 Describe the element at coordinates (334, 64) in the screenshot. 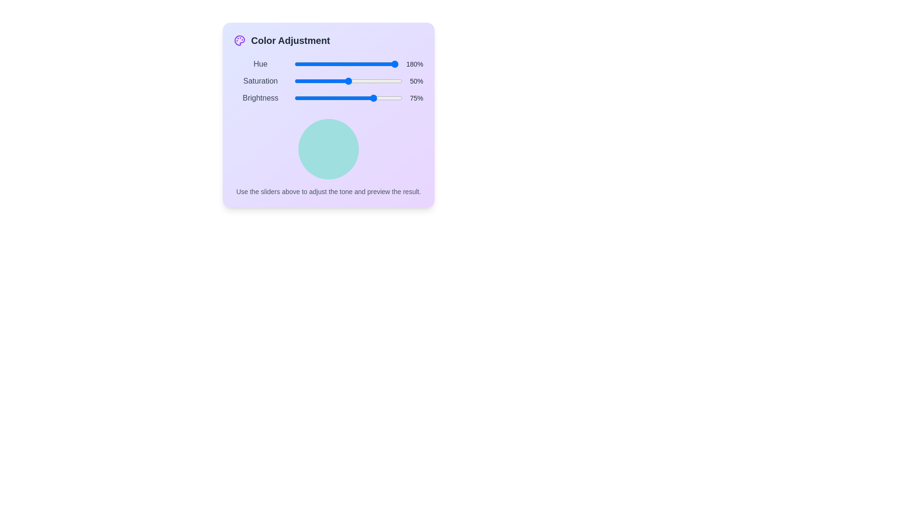

I see `the 0 slider to 38% to observe the resulting color in the preview circle` at that location.